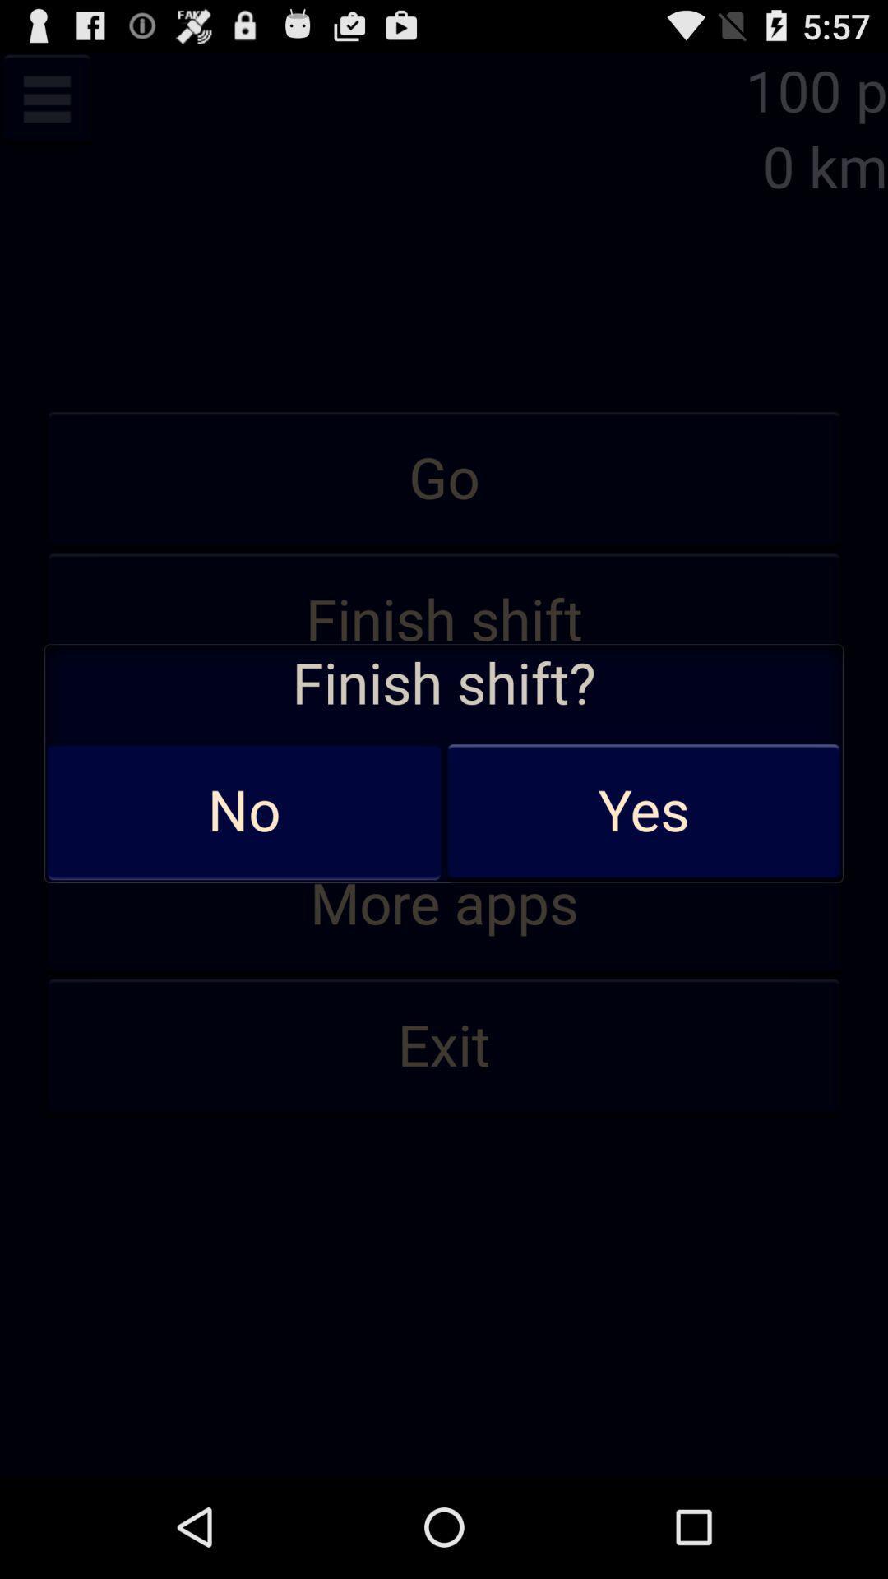 The width and height of the screenshot is (888, 1579). What do you see at coordinates (46, 98) in the screenshot?
I see `menu` at bounding box center [46, 98].